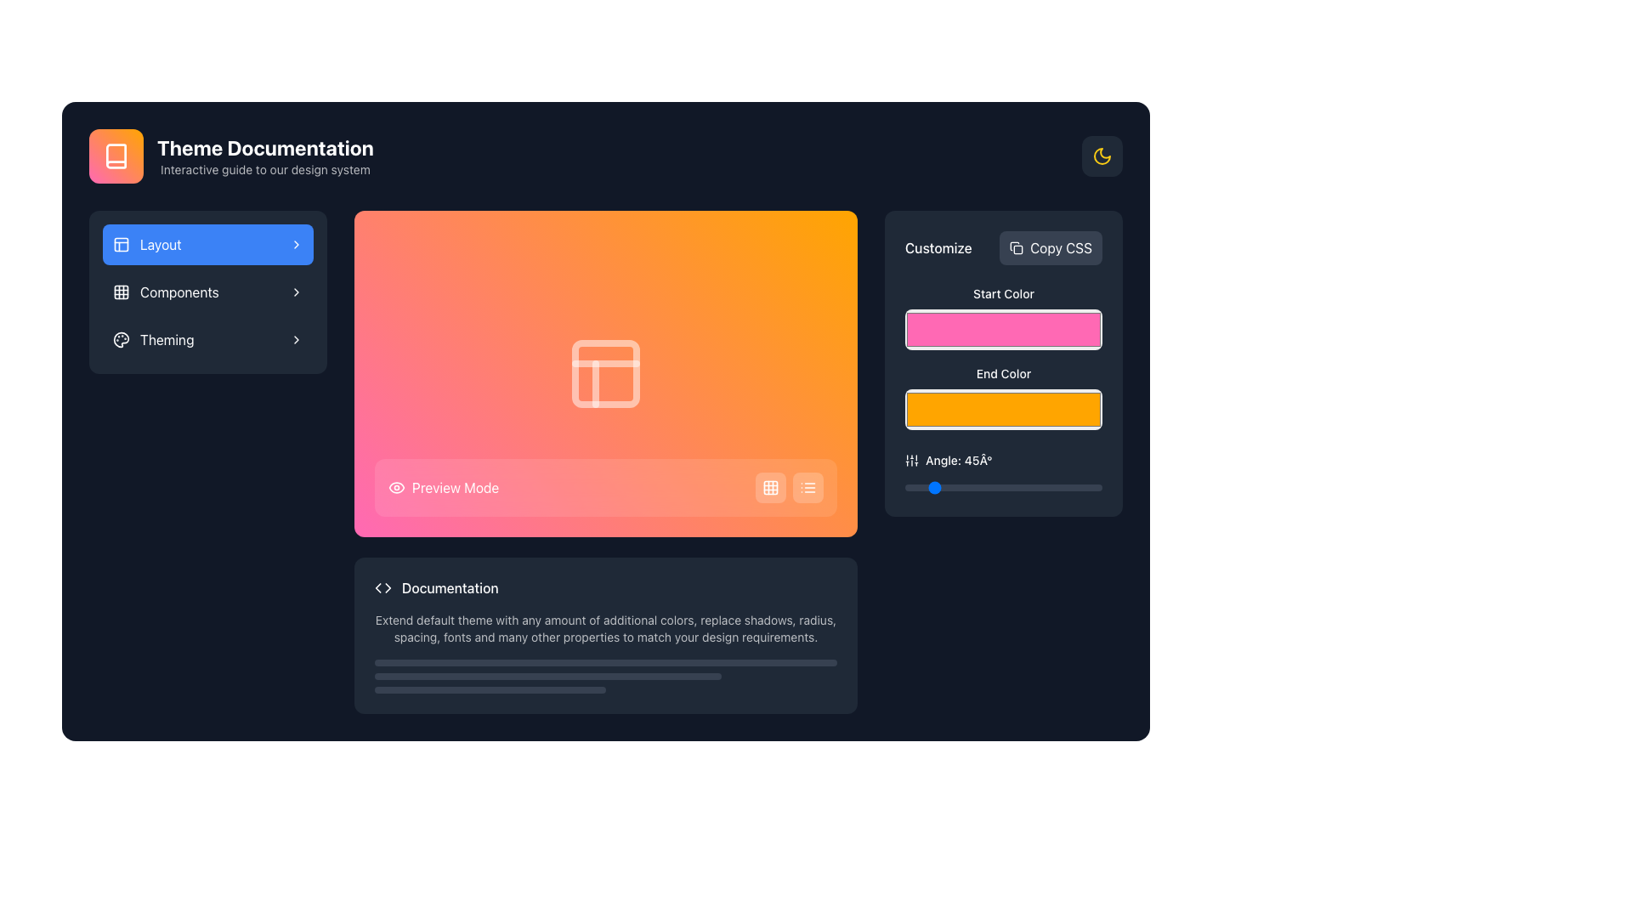  I want to click on the 'Layout' button located in the left-side panel, so click(207, 245).